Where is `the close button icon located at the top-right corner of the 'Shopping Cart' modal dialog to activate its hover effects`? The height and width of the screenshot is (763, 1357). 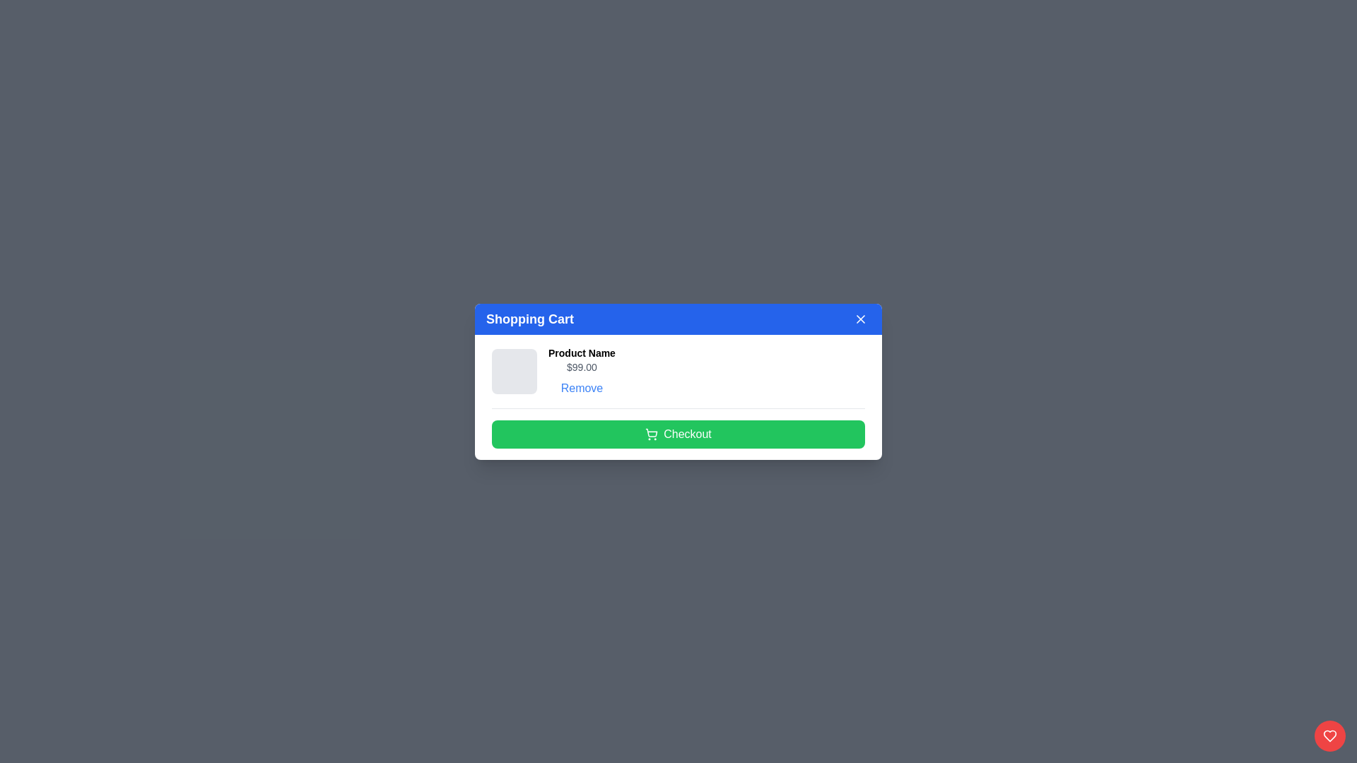 the close button icon located at the top-right corner of the 'Shopping Cart' modal dialog to activate its hover effects is located at coordinates (860, 319).